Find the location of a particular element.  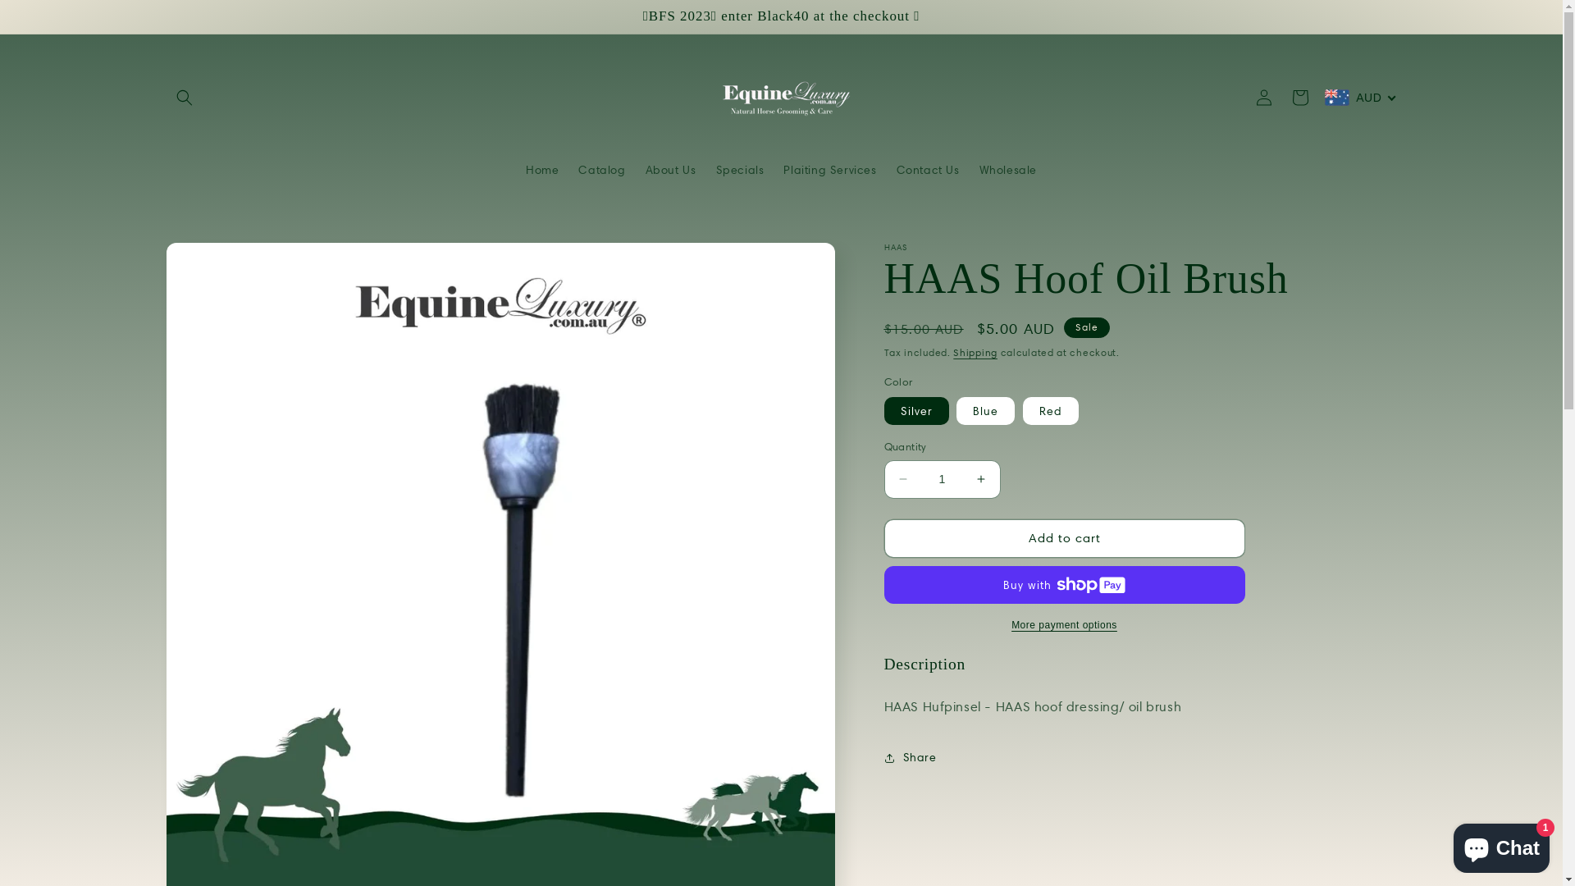

'Wholesale' is located at coordinates (1007, 170).